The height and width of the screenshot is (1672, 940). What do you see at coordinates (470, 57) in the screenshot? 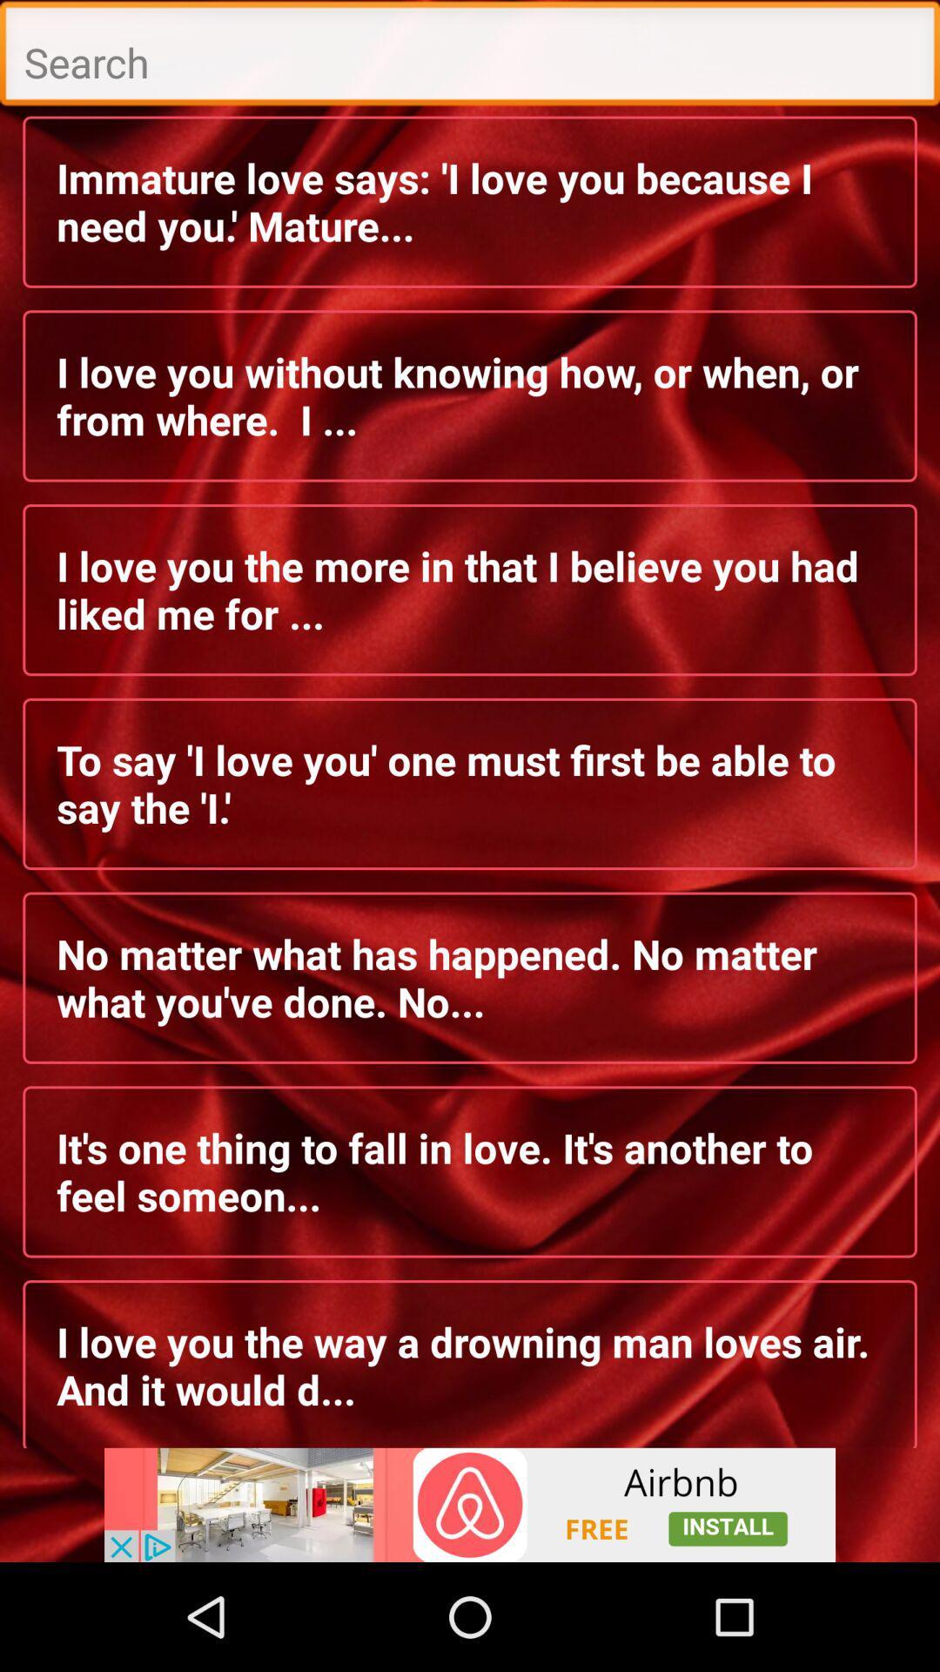
I see `open search` at bounding box center [470, 57].